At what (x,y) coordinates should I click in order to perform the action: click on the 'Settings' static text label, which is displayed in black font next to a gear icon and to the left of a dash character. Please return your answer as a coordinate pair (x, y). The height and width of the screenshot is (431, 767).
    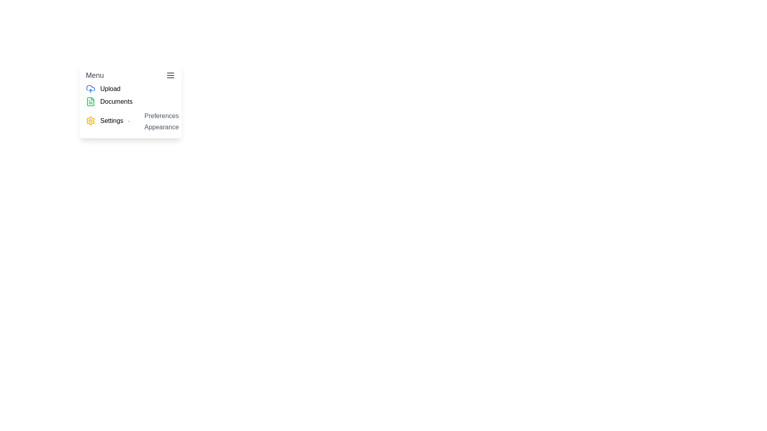
    Looking at the image, I should click on (111, 121).